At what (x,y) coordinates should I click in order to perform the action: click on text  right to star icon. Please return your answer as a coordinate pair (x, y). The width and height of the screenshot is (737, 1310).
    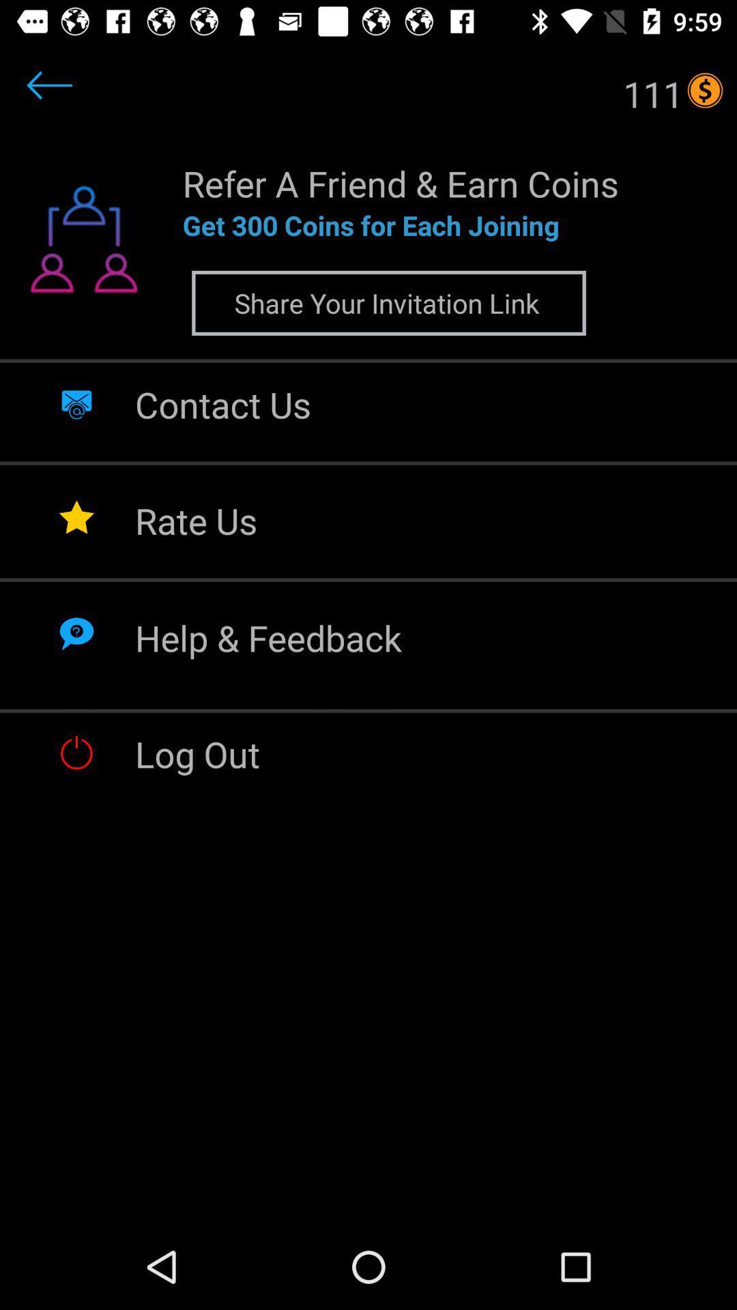
    Looking at the image, I should click on (196, 520).